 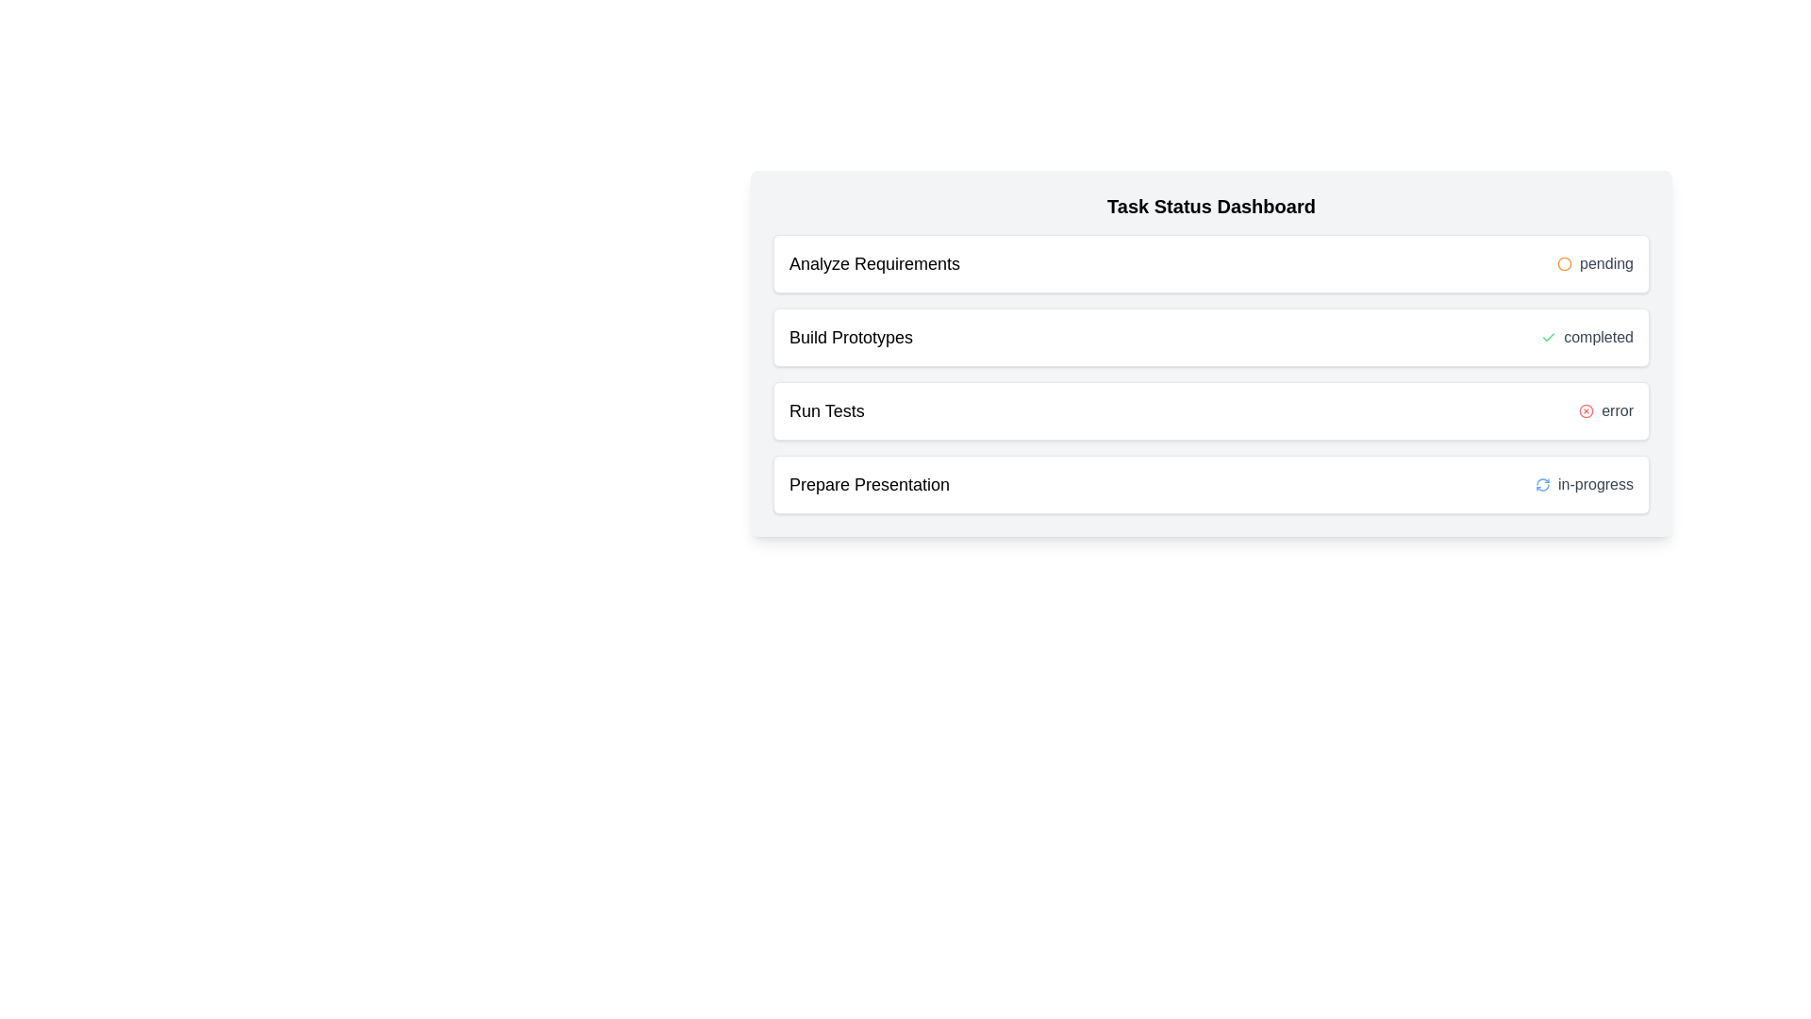 I want to click on the in-progress indicator icon located to the left of the 'in-progress' text in the 'Prepare Presentation' row of the Task Status Dashboard, so click(x=1543, y=483).